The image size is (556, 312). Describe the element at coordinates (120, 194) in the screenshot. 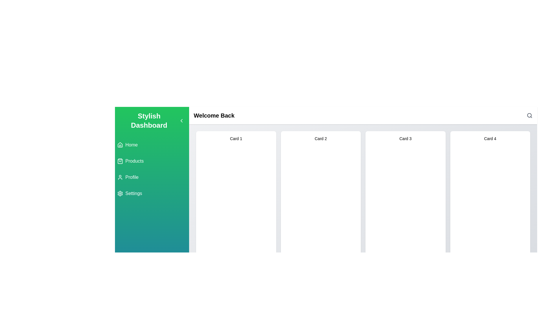

I see `the green cogwheel icon located at the bottom of the settings menu in the vertical sidebar` at that location.